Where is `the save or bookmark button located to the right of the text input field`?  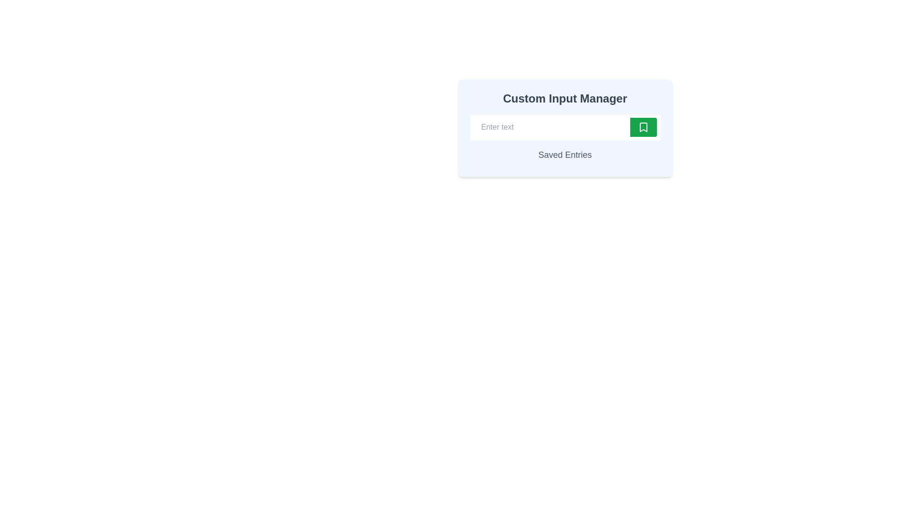 the save or bookmark button located to the right of the text input field is located at coordinates (643, 126).